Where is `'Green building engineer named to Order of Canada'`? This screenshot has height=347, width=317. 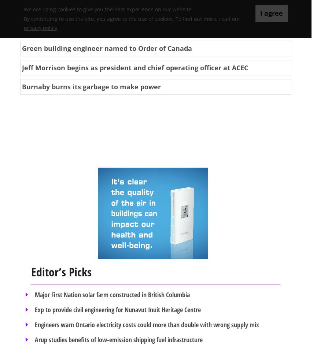 'Green building engineer named to Order of Canada' is located at coordinates (107, 48).